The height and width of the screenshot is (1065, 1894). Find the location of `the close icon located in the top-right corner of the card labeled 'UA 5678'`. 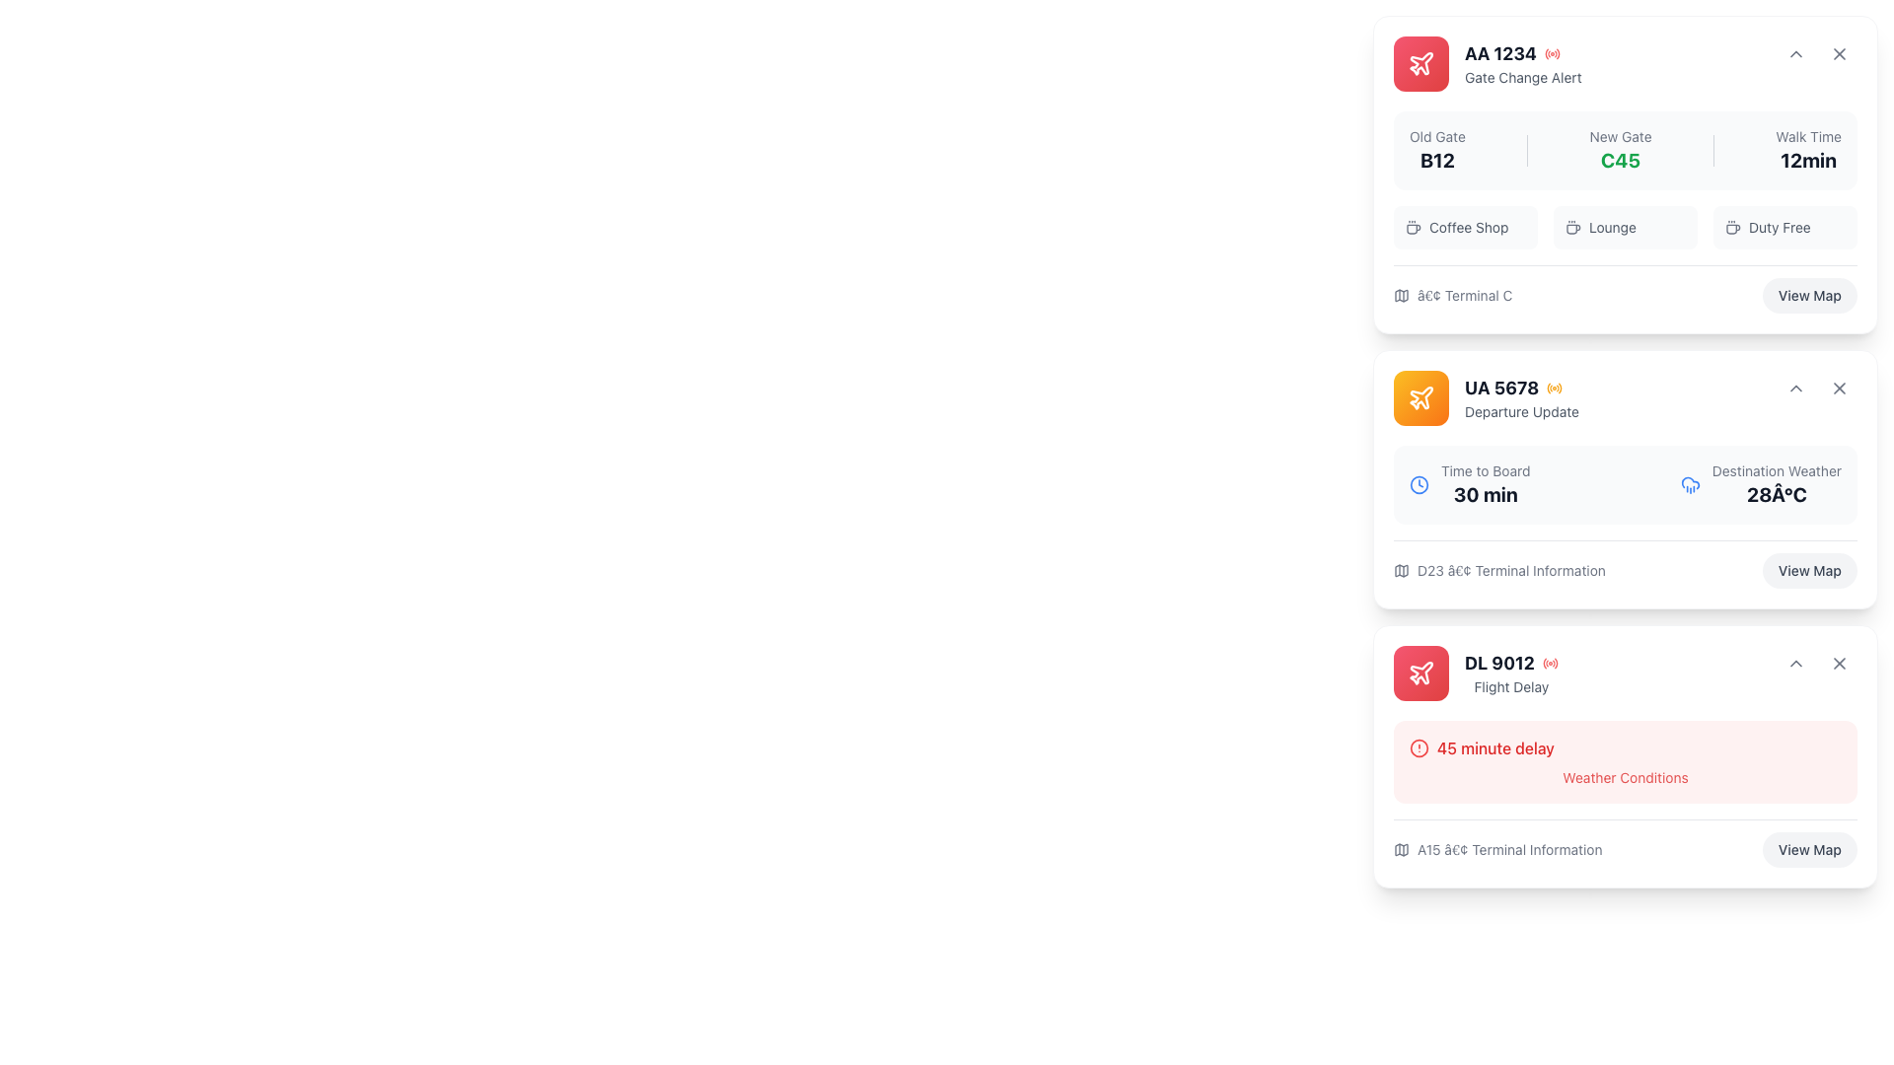

the close icon located in the top-right corner of the card labeled 'UA 5678' is located at coordinates (1839, 388).